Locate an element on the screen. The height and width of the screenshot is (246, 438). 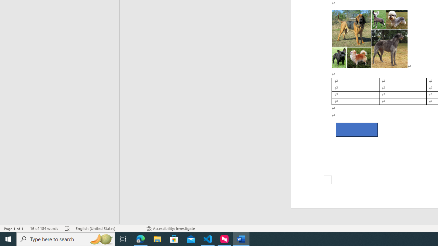
'Language English (United States)' is located at coordinates (107, 229).